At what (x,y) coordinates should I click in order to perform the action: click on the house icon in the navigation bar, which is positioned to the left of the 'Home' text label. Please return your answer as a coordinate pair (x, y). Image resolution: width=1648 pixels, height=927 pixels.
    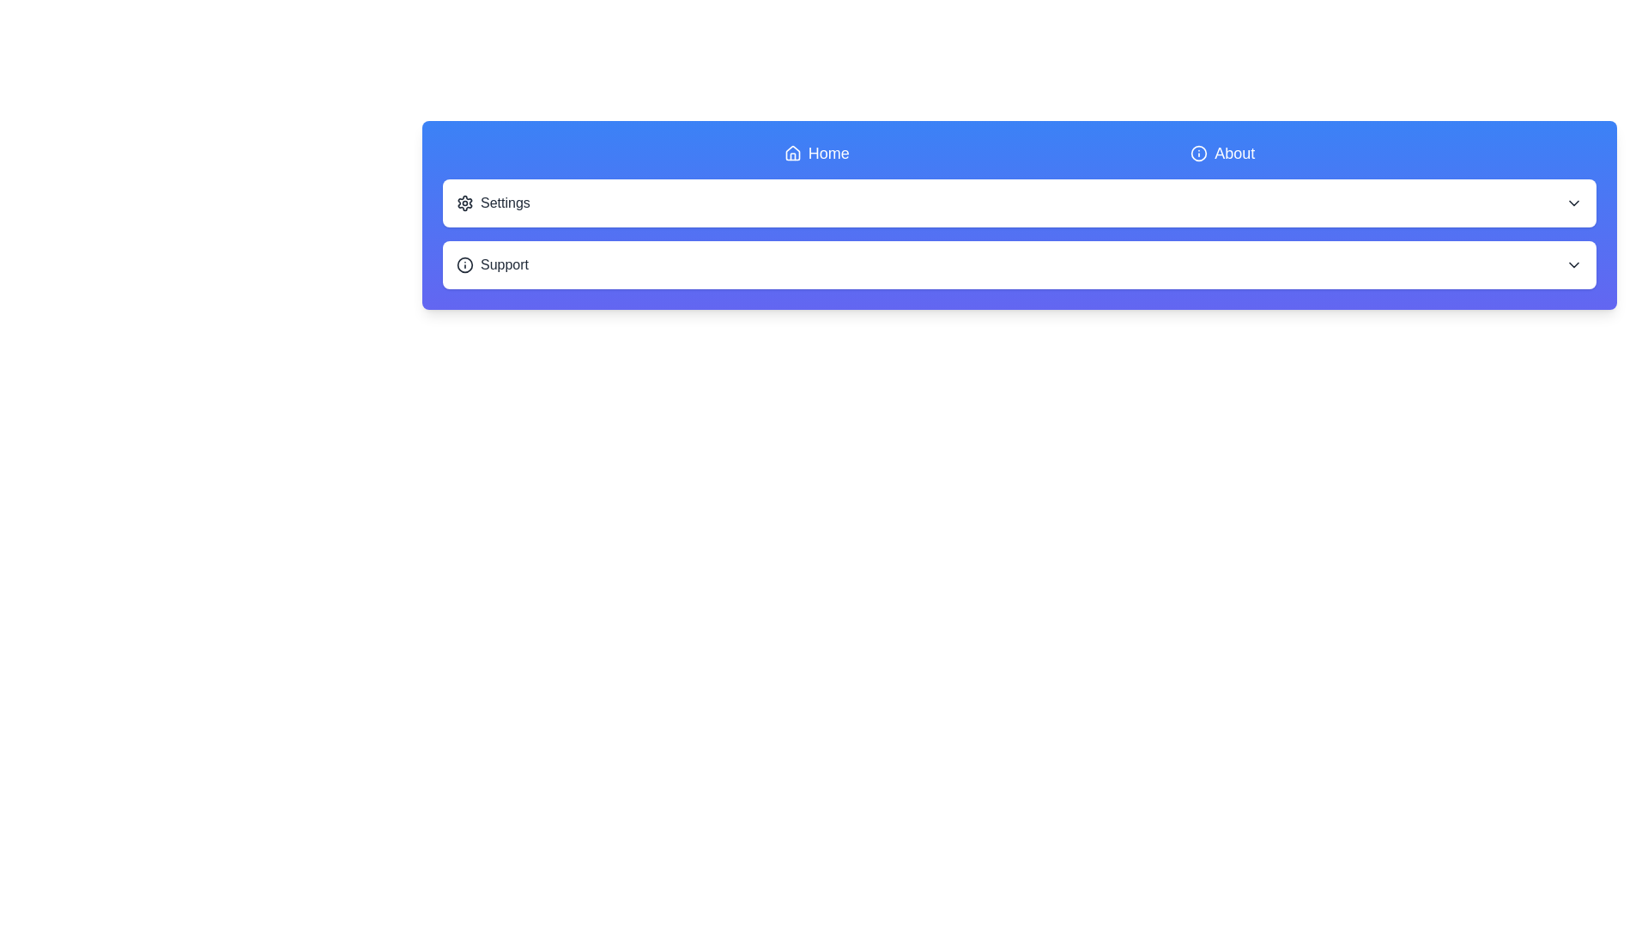
    Looking at the image, I should click on (791, 152).